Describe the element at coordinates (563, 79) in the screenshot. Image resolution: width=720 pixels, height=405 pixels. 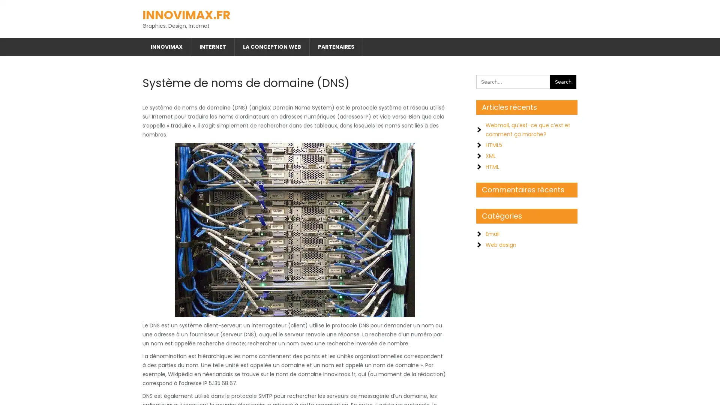
I see `Search` at that location.